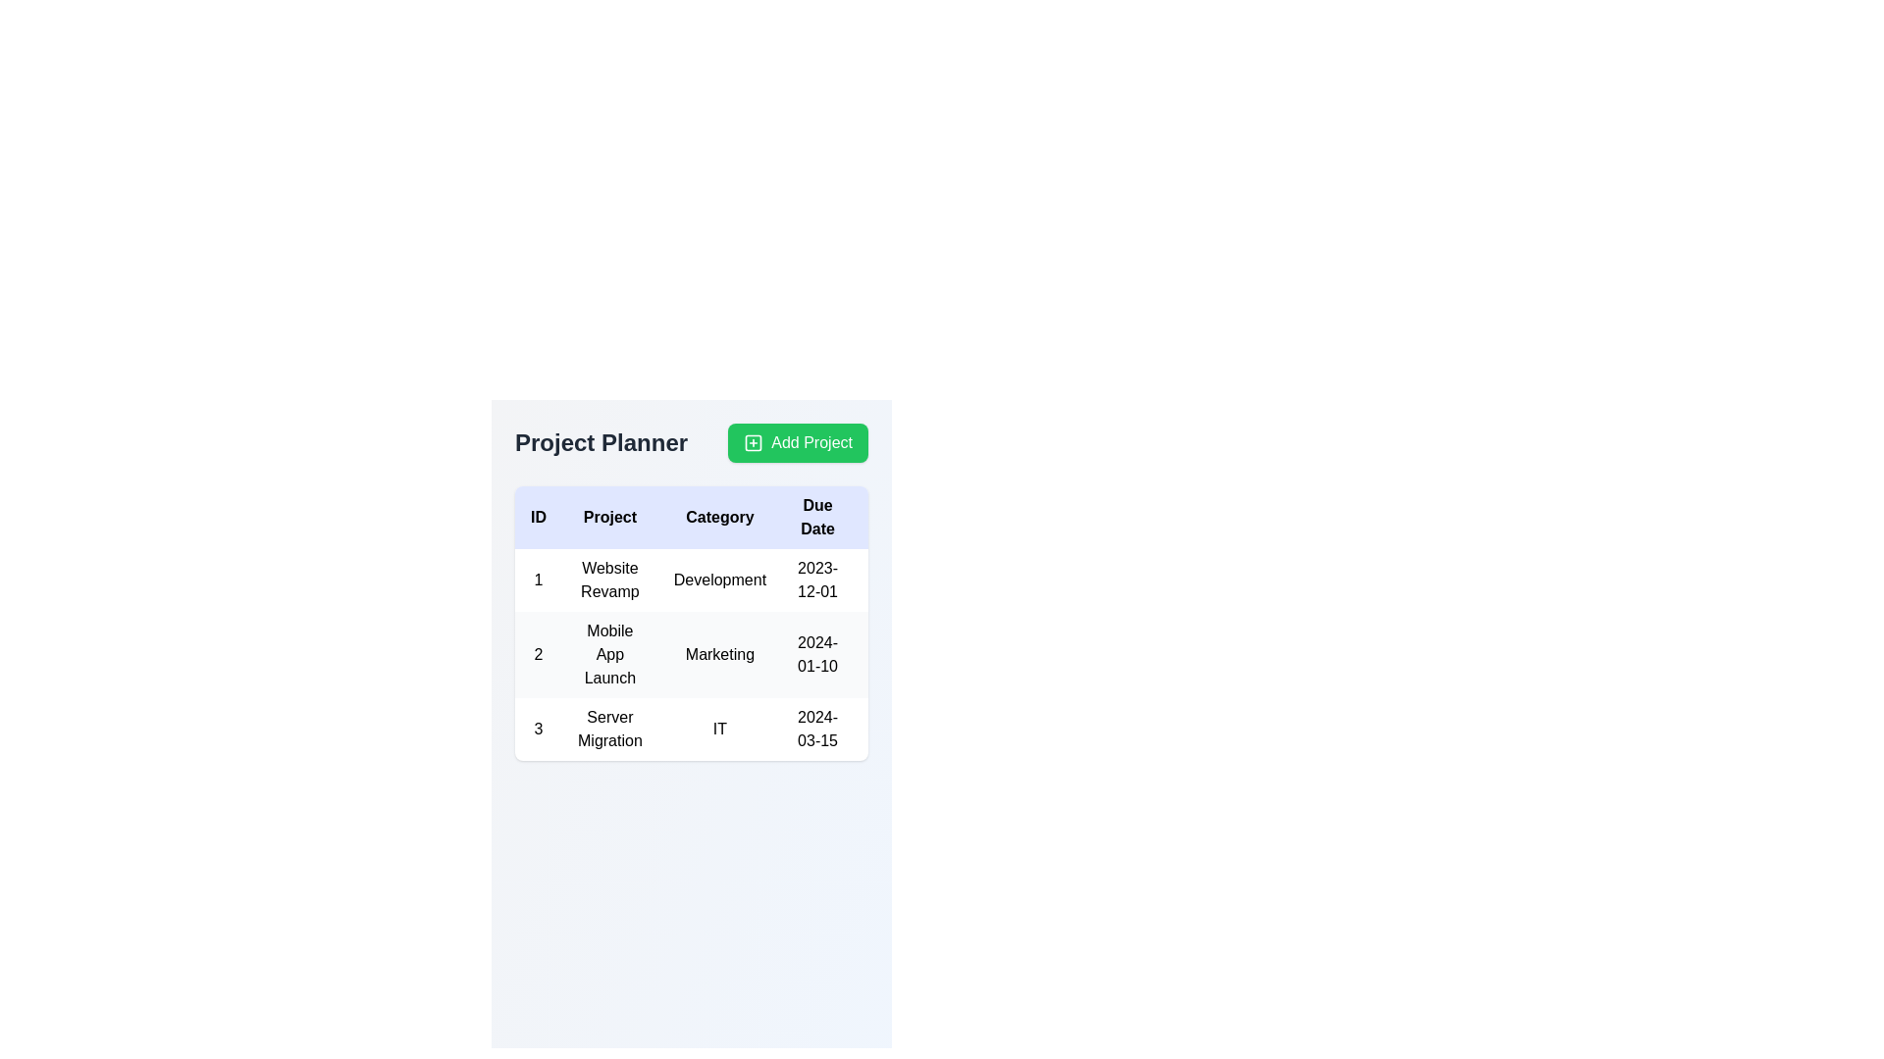  I want to click on the static text element displaying the due date '2023-12-01' in the fourth cell of the first row under the 'Due Date' column for the 'Website Revamp' entry, so click(817, 579).